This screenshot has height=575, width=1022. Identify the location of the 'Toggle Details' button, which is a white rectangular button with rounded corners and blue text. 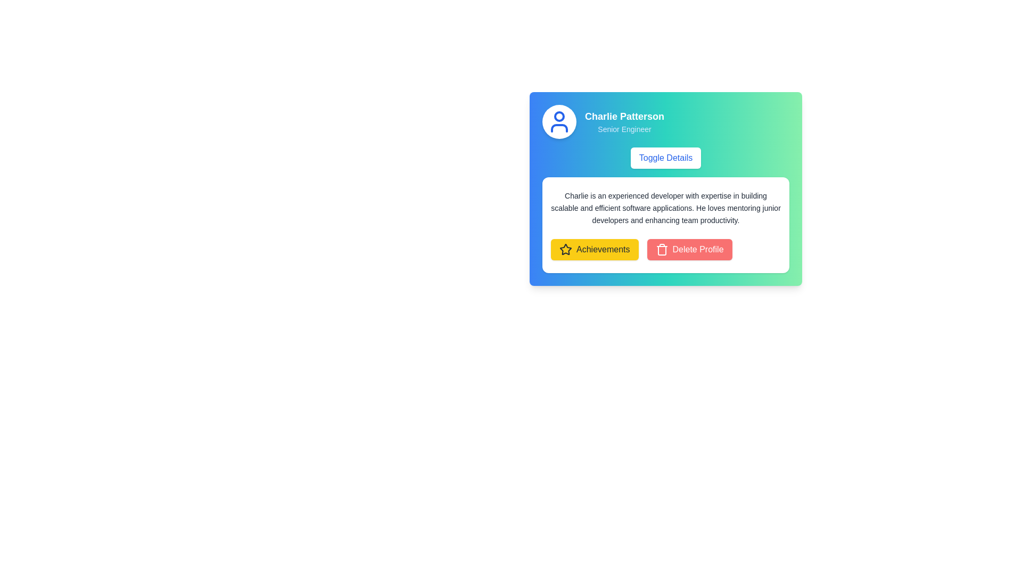
(665, 158).